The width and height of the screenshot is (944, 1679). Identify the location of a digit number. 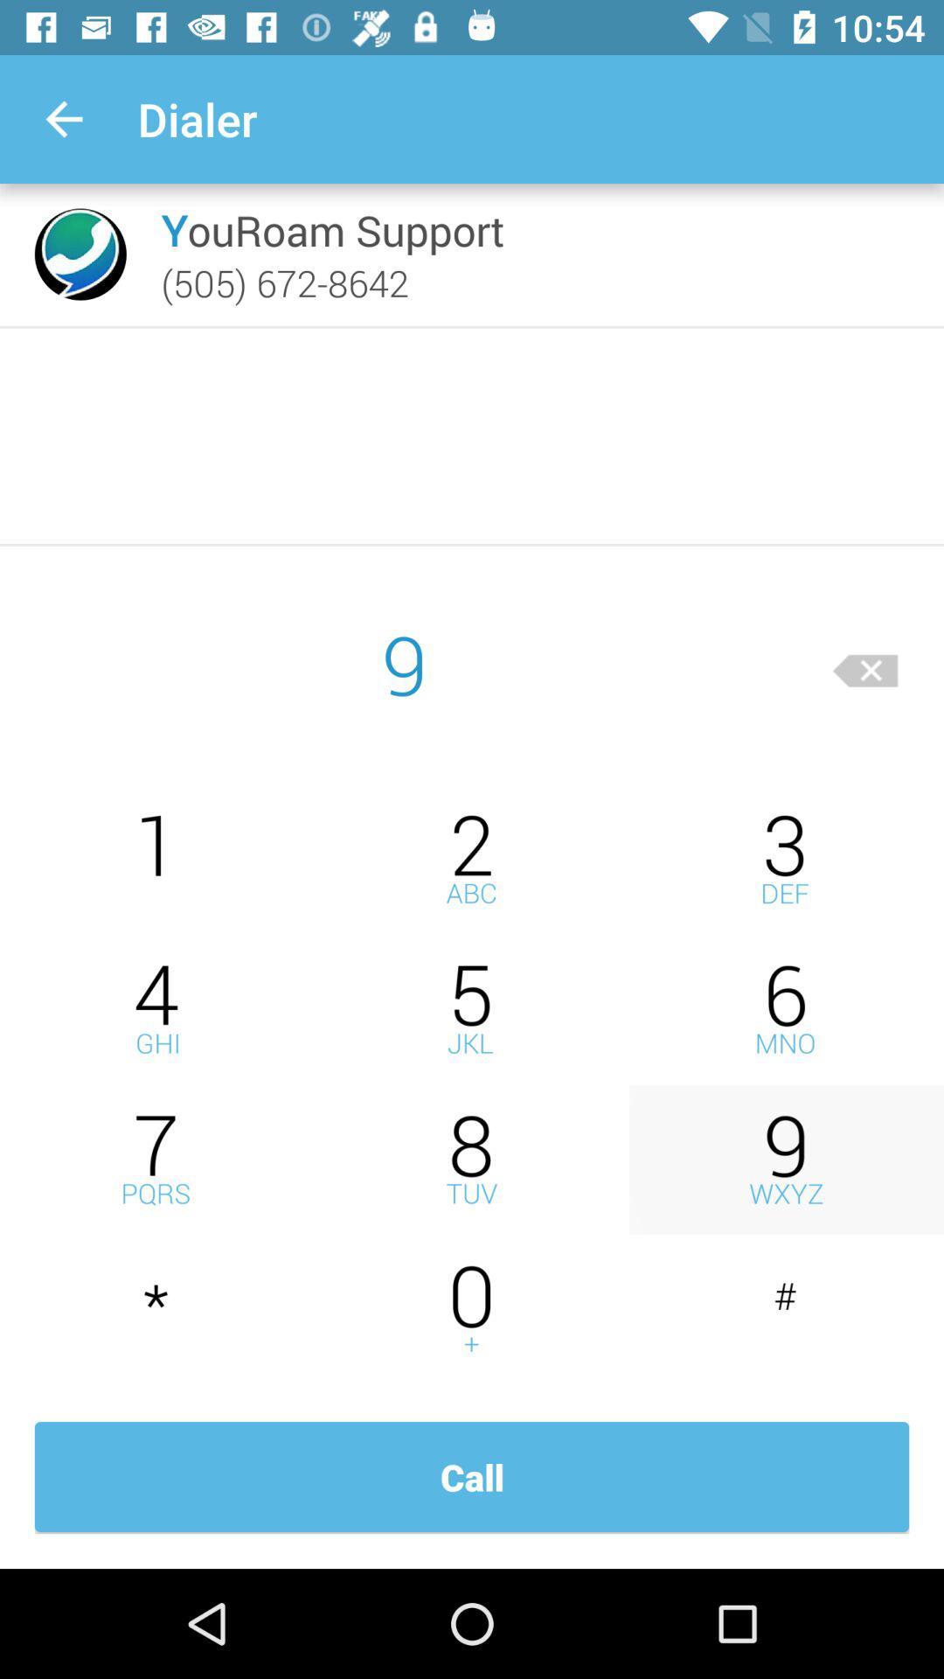
(785, 1160).